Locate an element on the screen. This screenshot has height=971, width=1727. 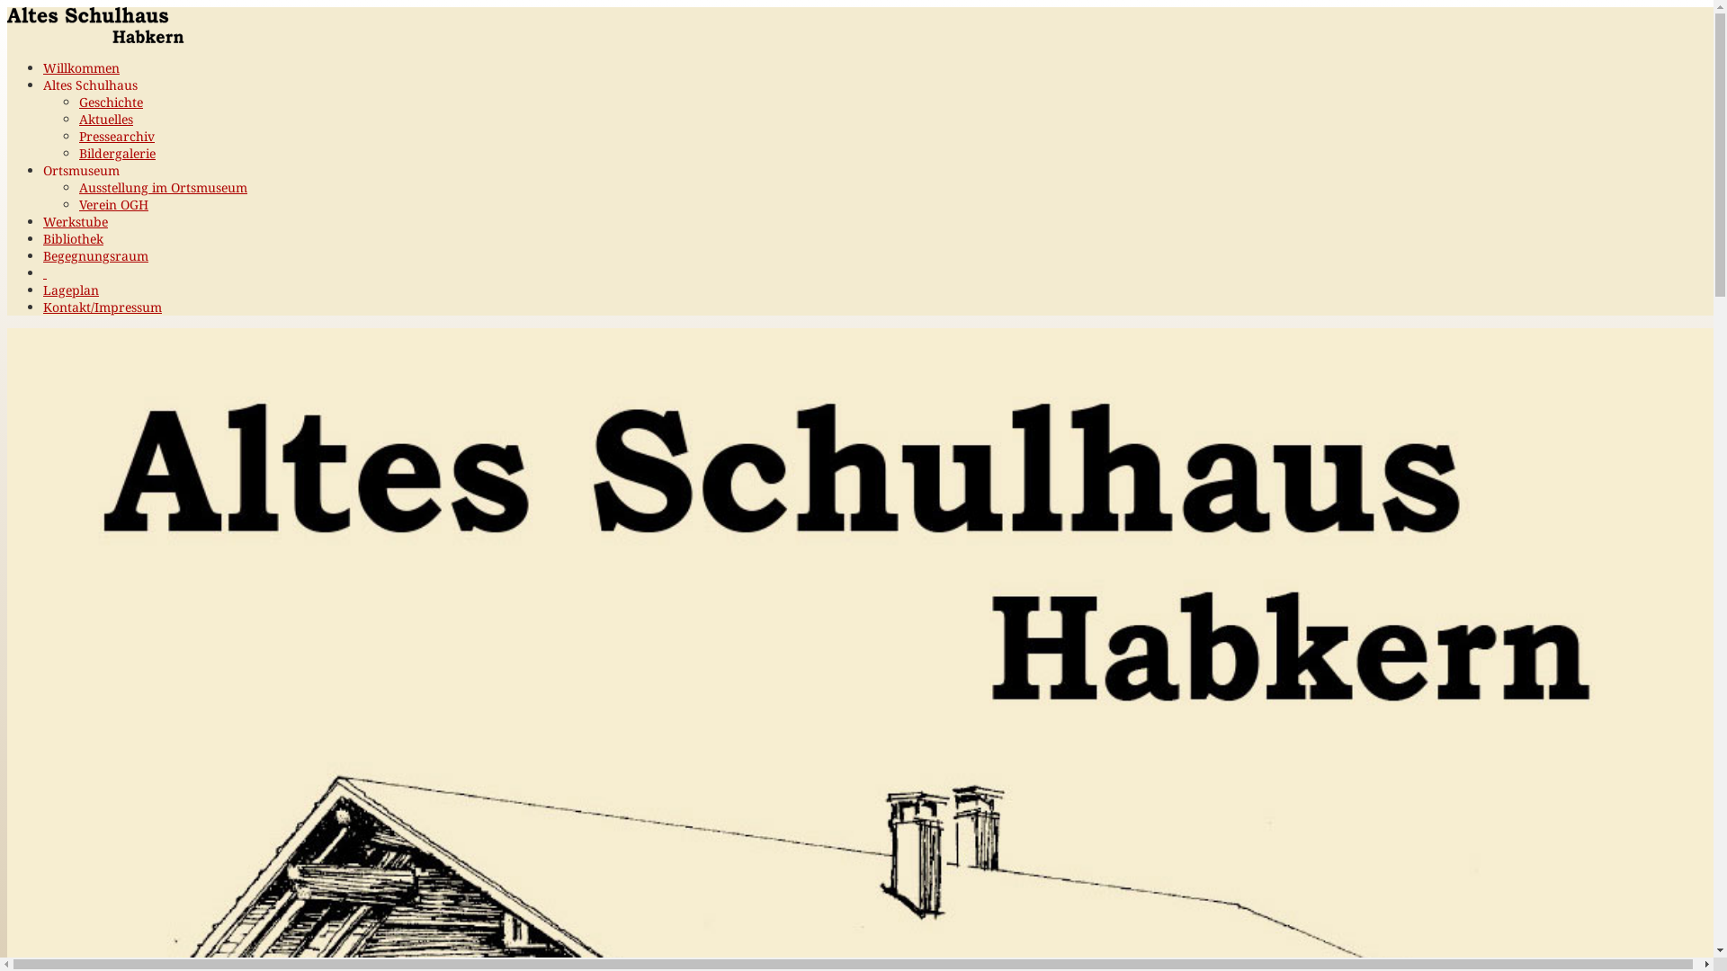
'Kontakt/Impressum' is located at coordinates (43, 306).